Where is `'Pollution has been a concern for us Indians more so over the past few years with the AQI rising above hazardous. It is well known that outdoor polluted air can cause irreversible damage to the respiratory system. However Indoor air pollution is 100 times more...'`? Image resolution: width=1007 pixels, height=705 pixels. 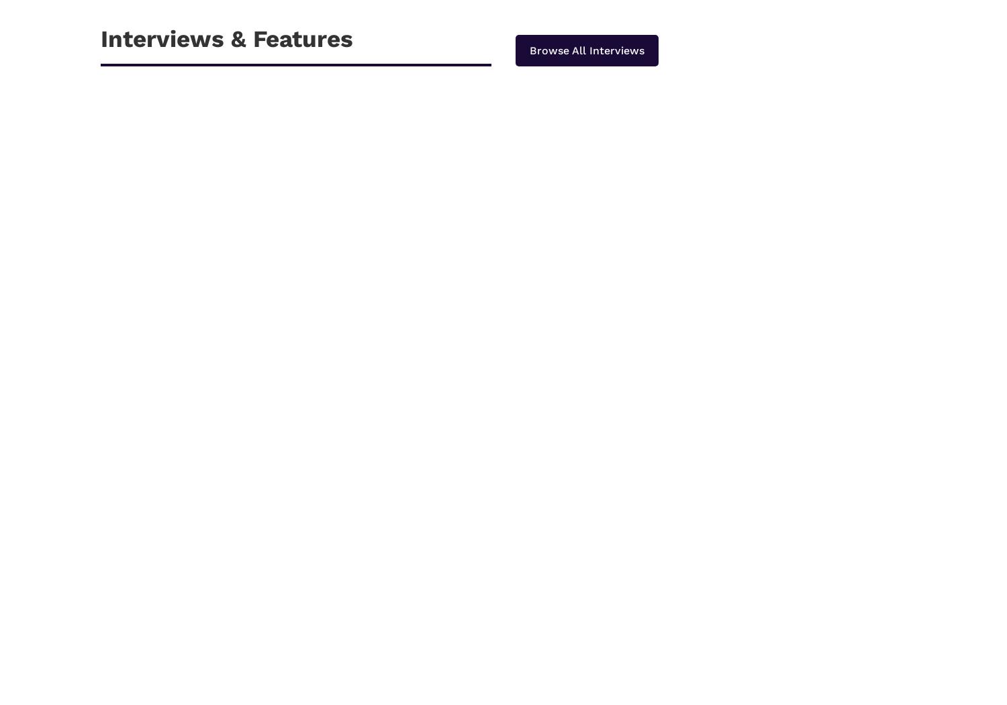
'Pollution has been a concern for us Indians more so over the past few years with the AQI rising above hazardous. It is well known that outdoor polluted air can cause irreversible damage to the respiratory system. However Indoor air pollution is 100 times more...' is located at coordinates (395, 643).